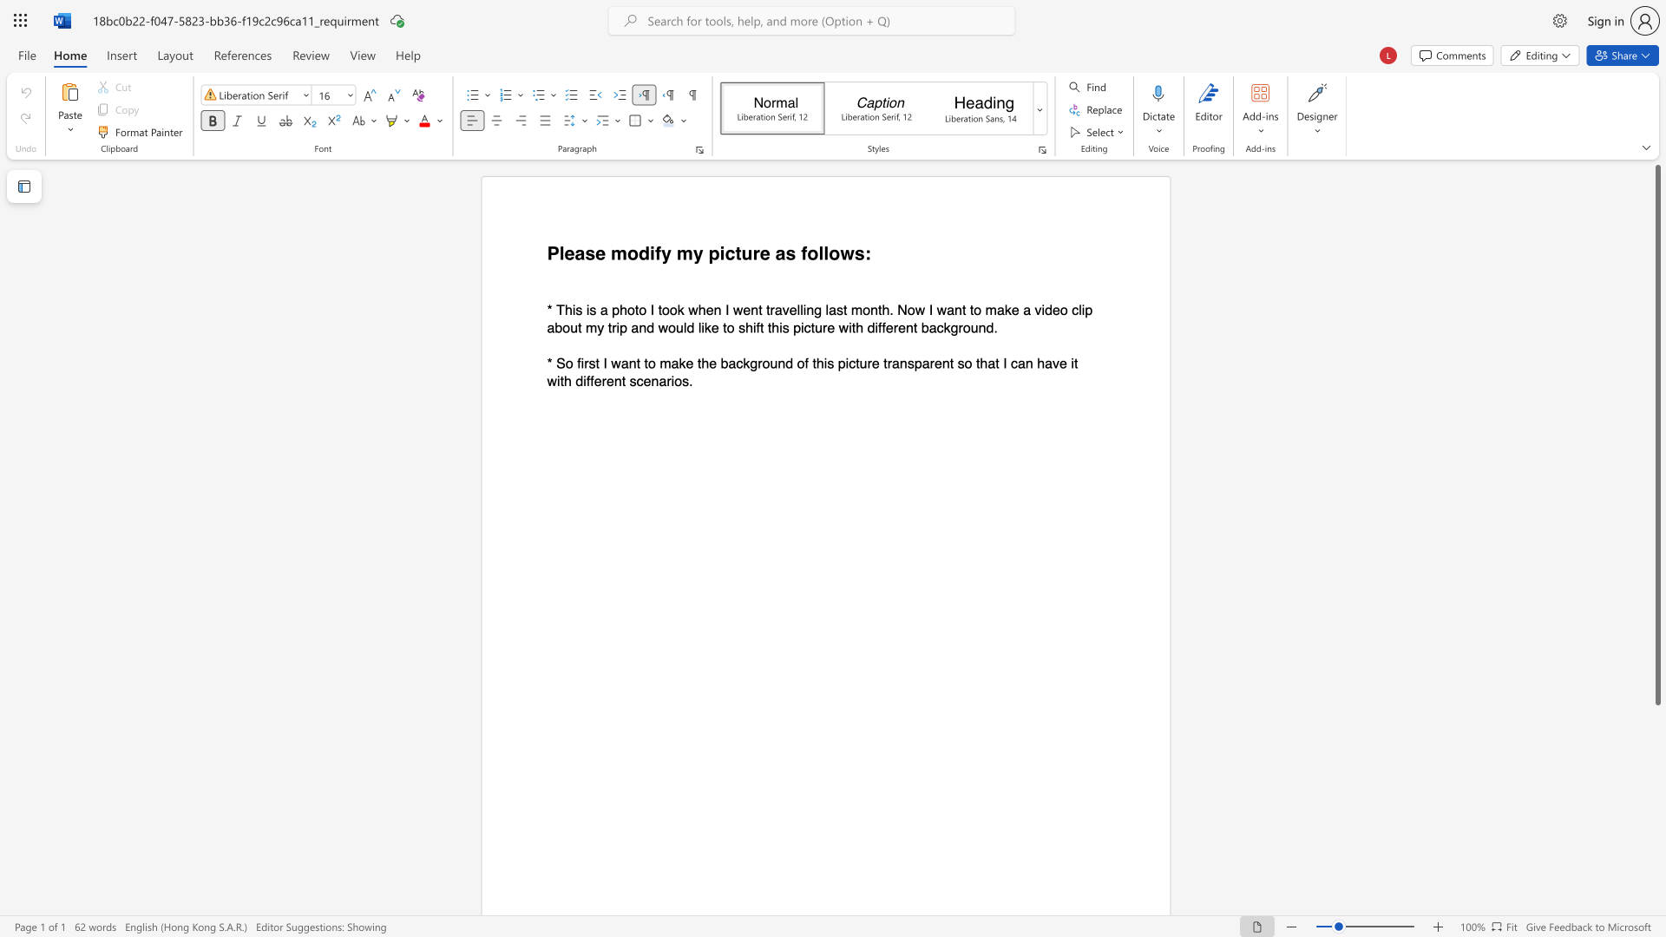 The height and width of the screenshot is (937, 1666). What do you see at coordinates (753, 327) in the screenshot?
I see `the subset text "ift this picture with different backgro" within the text "* This is a photo I took when I went travelling last month. Now I want to make a video clip about my trip and would like to shift this picture with different background."` at bounding box center [753, 327].